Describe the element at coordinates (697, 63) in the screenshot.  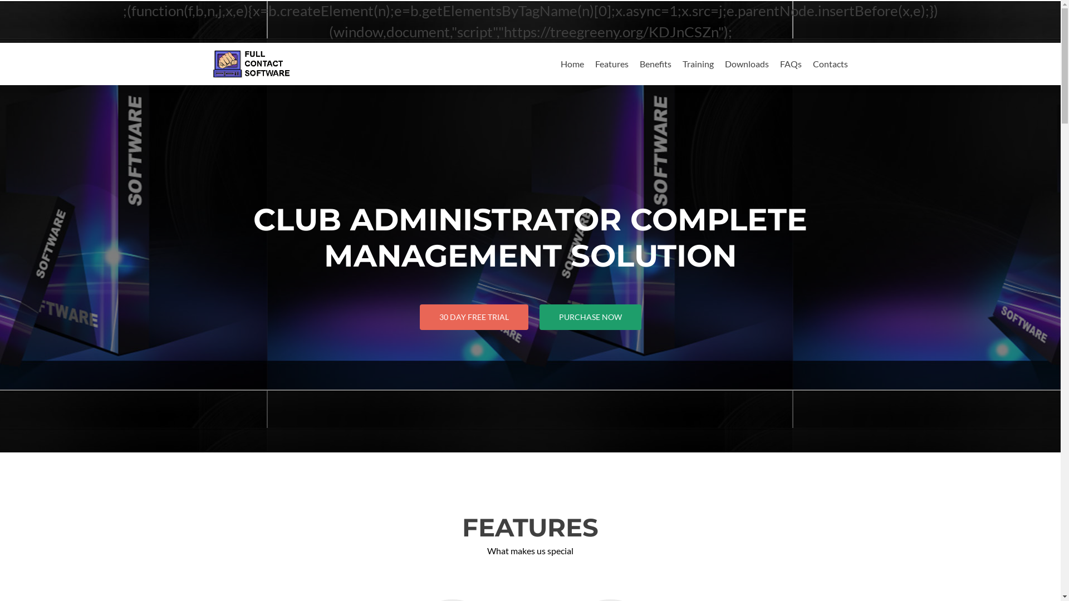
I see `'Training'` at that location.